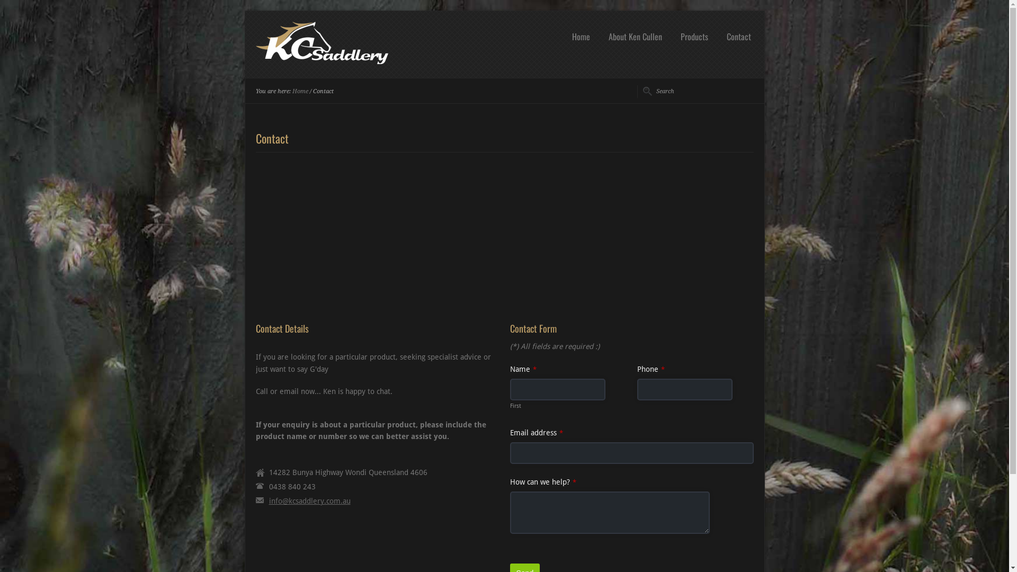 This screenshot has height=572, width=1017. What do you see at coordinates (269, 501) in the screenshot?
I see `'info@kcsaddlery.com.au'` at bounding box center [269, 501].